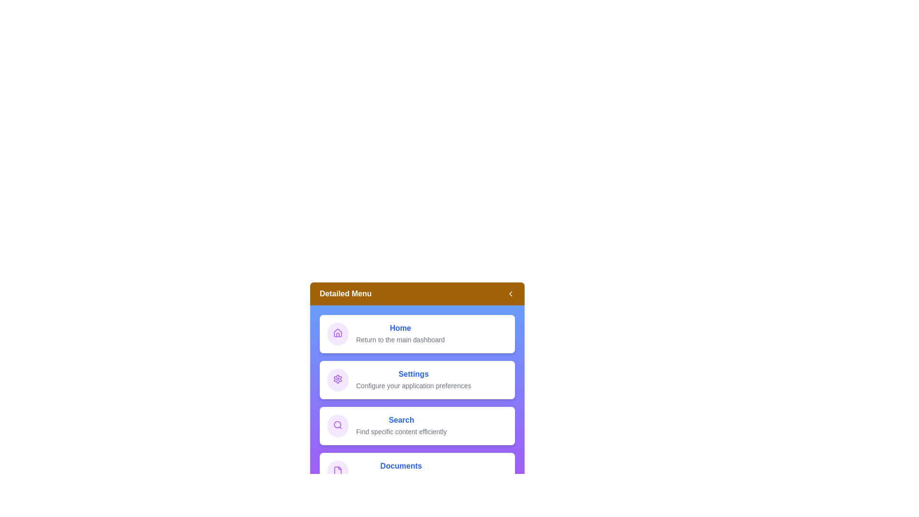 The image size is (919, 517). What do you see at coordinates (337, 334) in the screenshot?
I see `the icon corresponding to Home in the menu` at bounding box center [337, 334].